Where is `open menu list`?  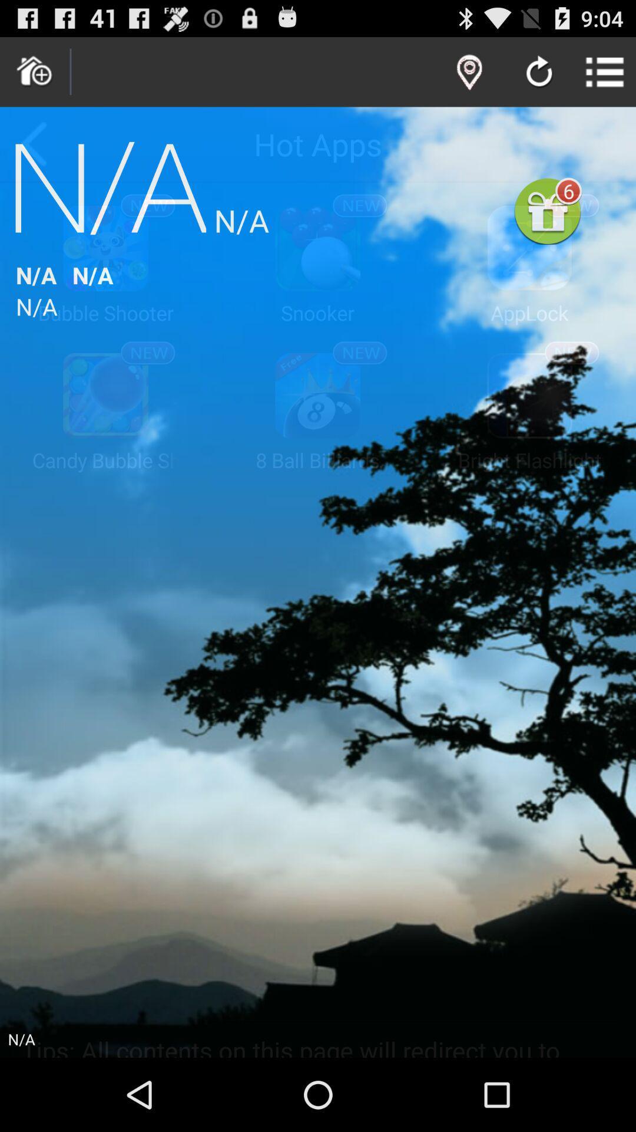 open menu list is located at coordinates (605, 71).